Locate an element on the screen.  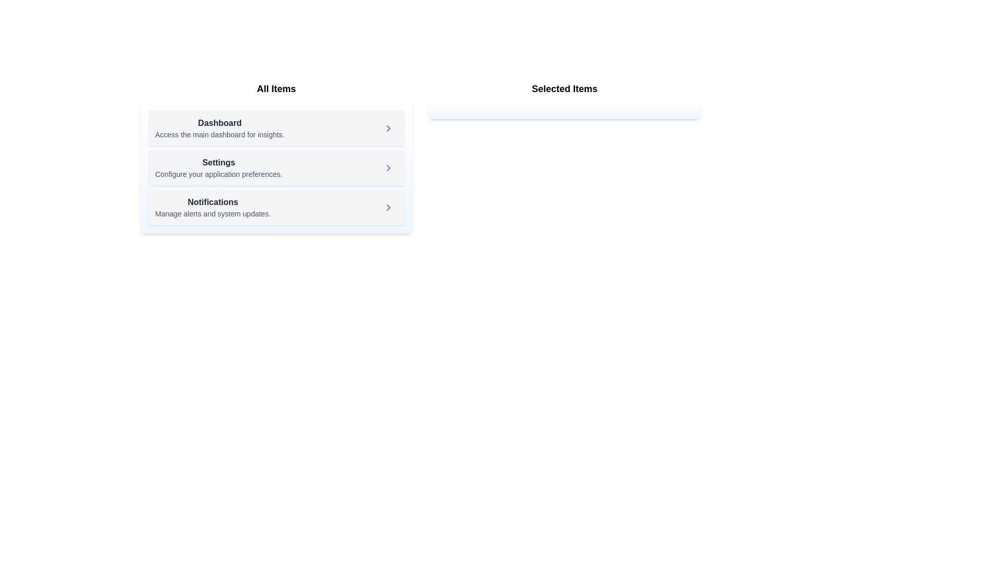
right arrow next to the item 'Dashboard' in the available items list to move it to the selected items list is located at coordinates (387, 127).